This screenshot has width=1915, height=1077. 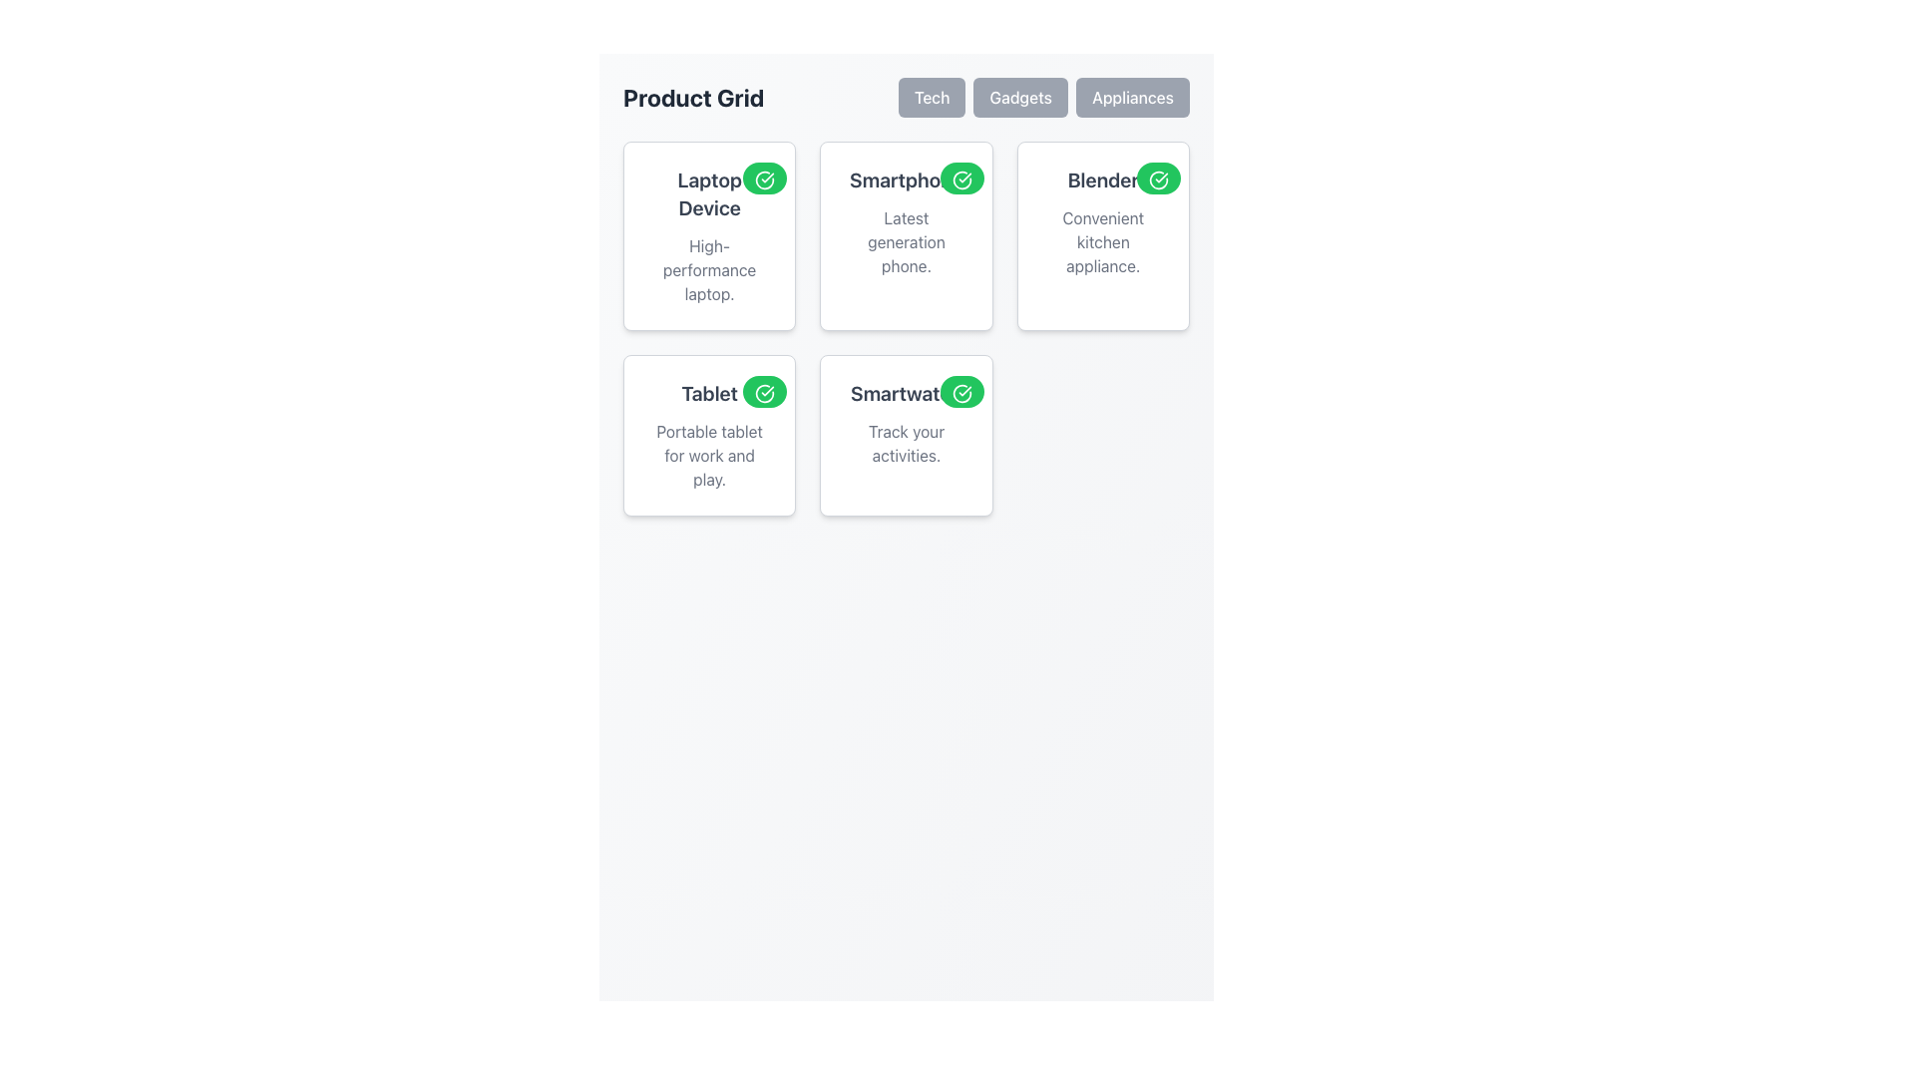 I want to click on the status visually, so click(x=1158, y=179).